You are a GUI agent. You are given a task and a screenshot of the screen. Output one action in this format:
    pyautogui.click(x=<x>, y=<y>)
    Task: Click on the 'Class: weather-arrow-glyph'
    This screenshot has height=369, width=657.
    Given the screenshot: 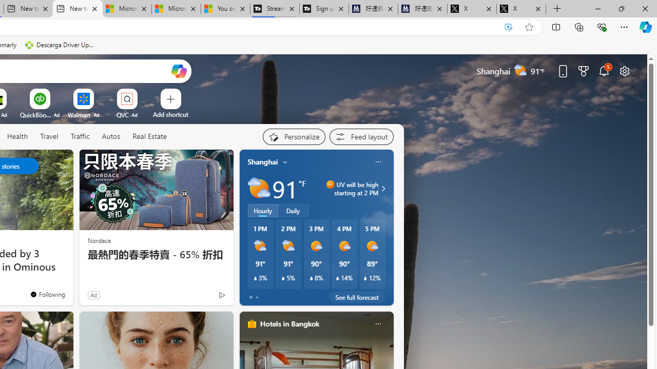 What is the action you would take?
    pyautogui.click(x=382, y=188)
    